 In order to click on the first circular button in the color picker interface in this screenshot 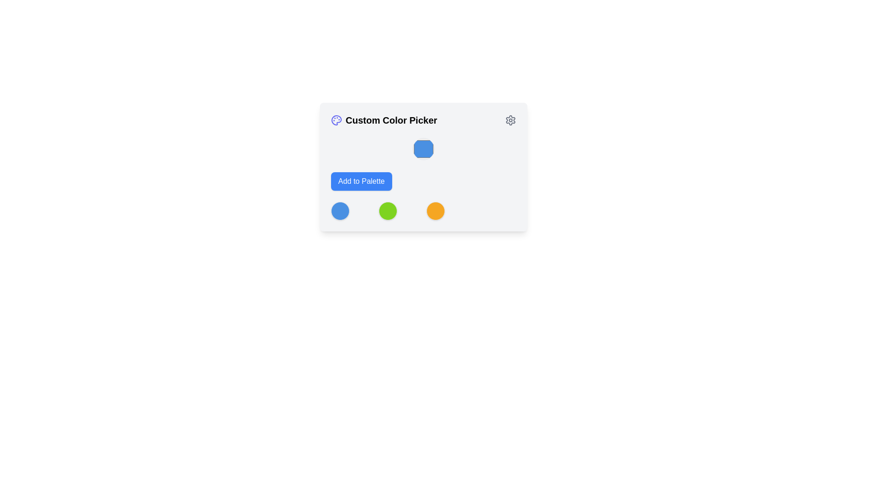, I will do `click(339, 211)`.